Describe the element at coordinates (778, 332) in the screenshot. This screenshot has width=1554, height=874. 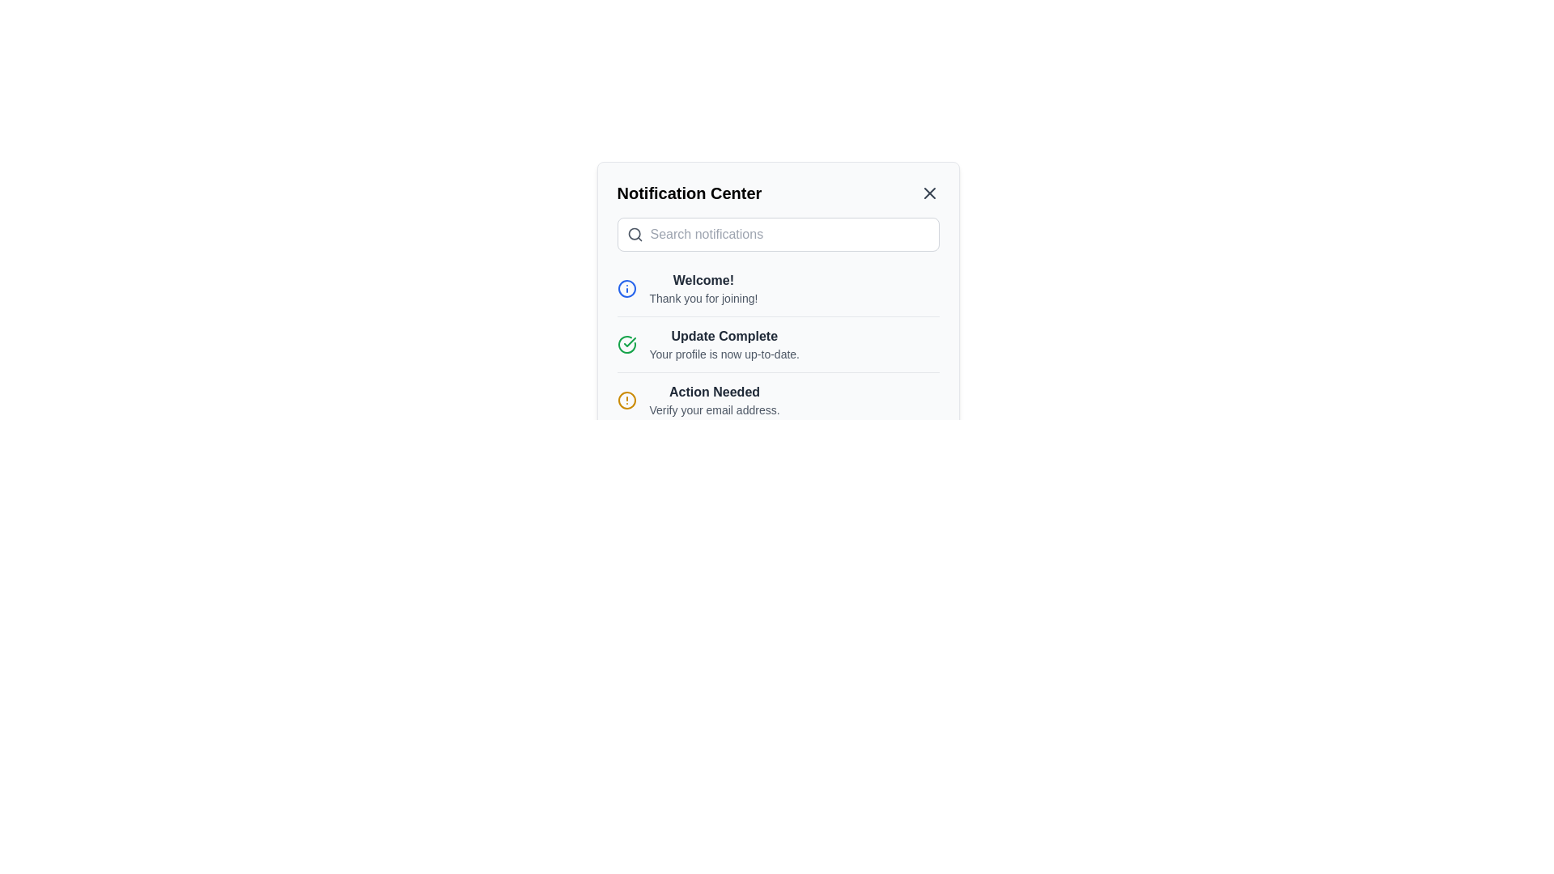
I see `the Notification item in the Notification Center, which indicates a successful profile update and is positioned between 'Welcome!' and 'Action Needed'` at that location.